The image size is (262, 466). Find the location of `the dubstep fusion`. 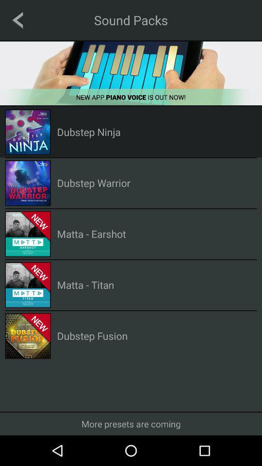

the dubstep fusion is located at coordinates (92, 335).